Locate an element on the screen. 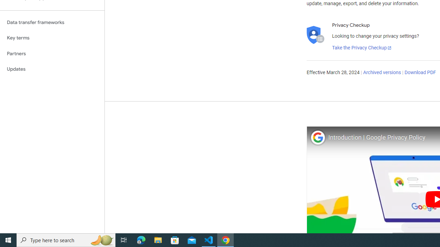 The width and height of the screenshot is (440, 247). 'Download PDF' is located at coordinates (420, 73).